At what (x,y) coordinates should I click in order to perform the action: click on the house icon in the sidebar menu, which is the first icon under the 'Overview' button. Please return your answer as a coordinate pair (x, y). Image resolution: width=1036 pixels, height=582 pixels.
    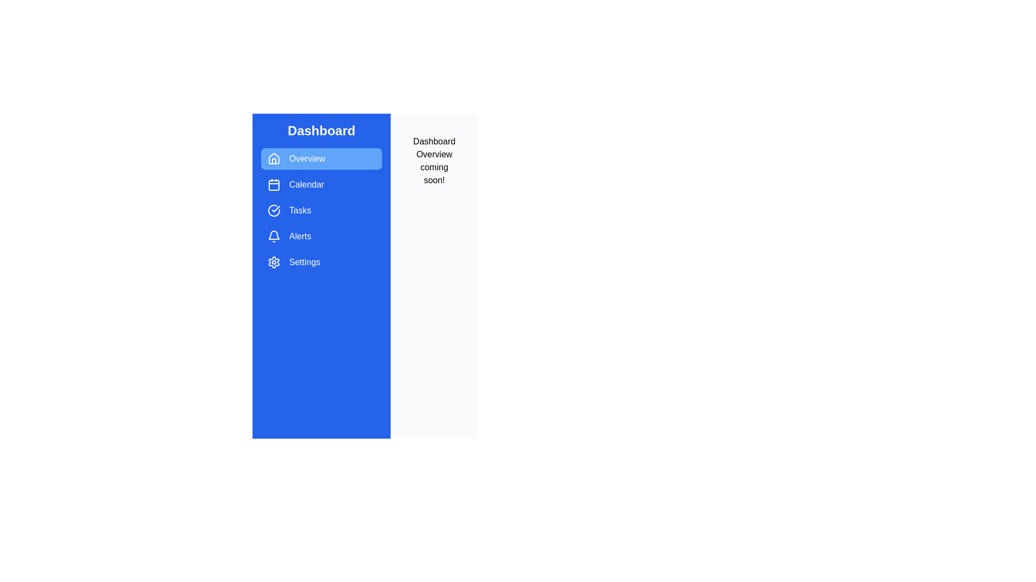
    Looking at the image, I should click on (274, 158).